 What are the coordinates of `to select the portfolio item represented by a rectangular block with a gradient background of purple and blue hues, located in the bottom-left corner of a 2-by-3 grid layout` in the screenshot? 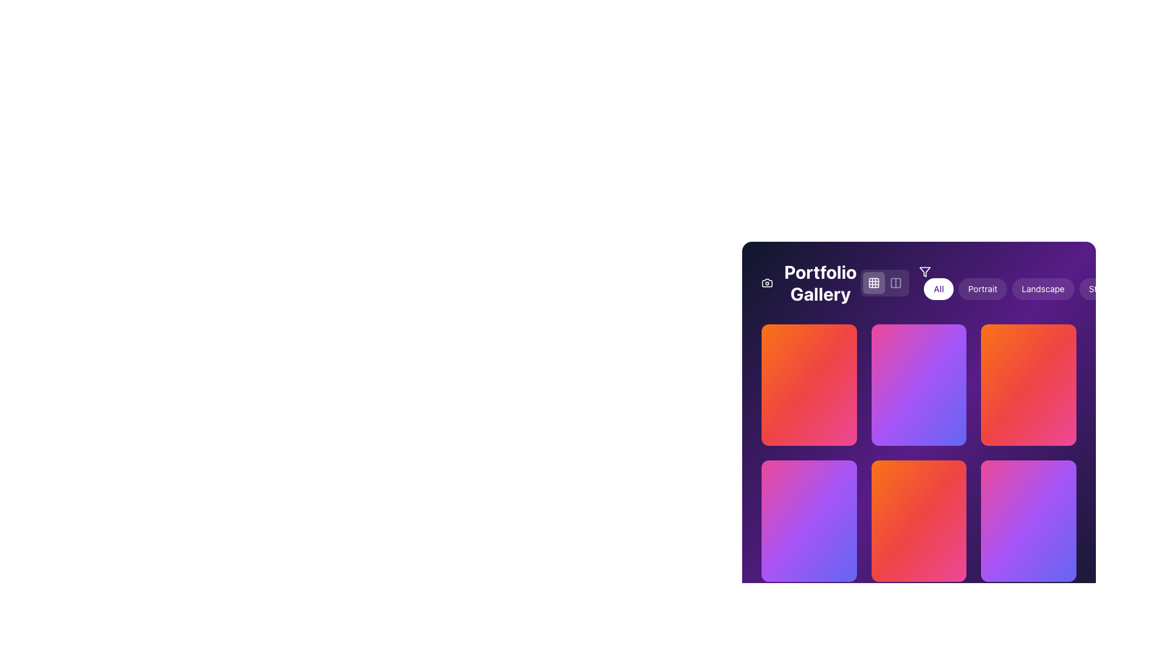 It's located at (808, 551).